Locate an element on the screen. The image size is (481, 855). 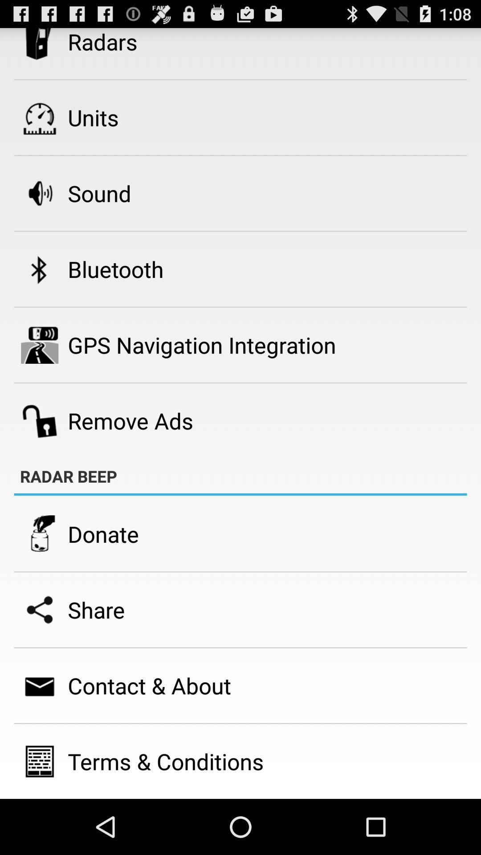
share icon is located at coordinates (96, 609).